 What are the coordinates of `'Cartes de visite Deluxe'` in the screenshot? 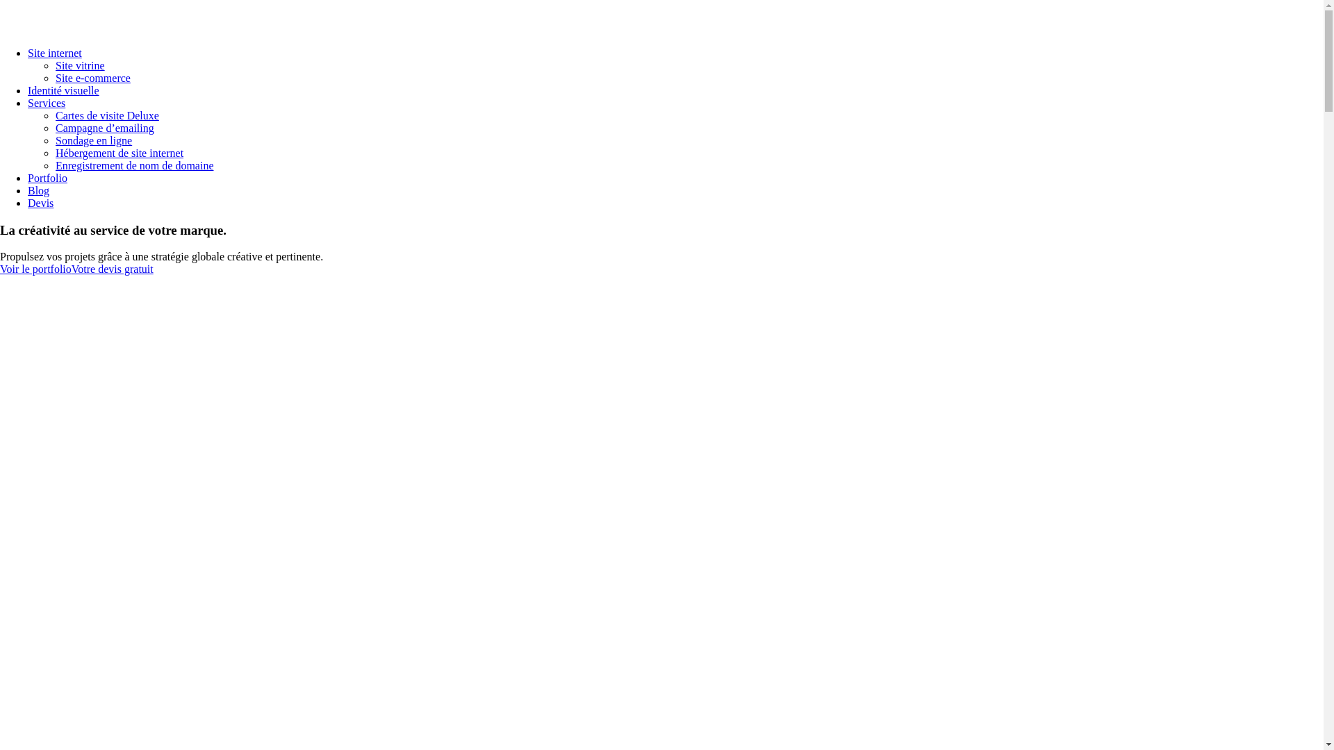 It's located at (56, 115).